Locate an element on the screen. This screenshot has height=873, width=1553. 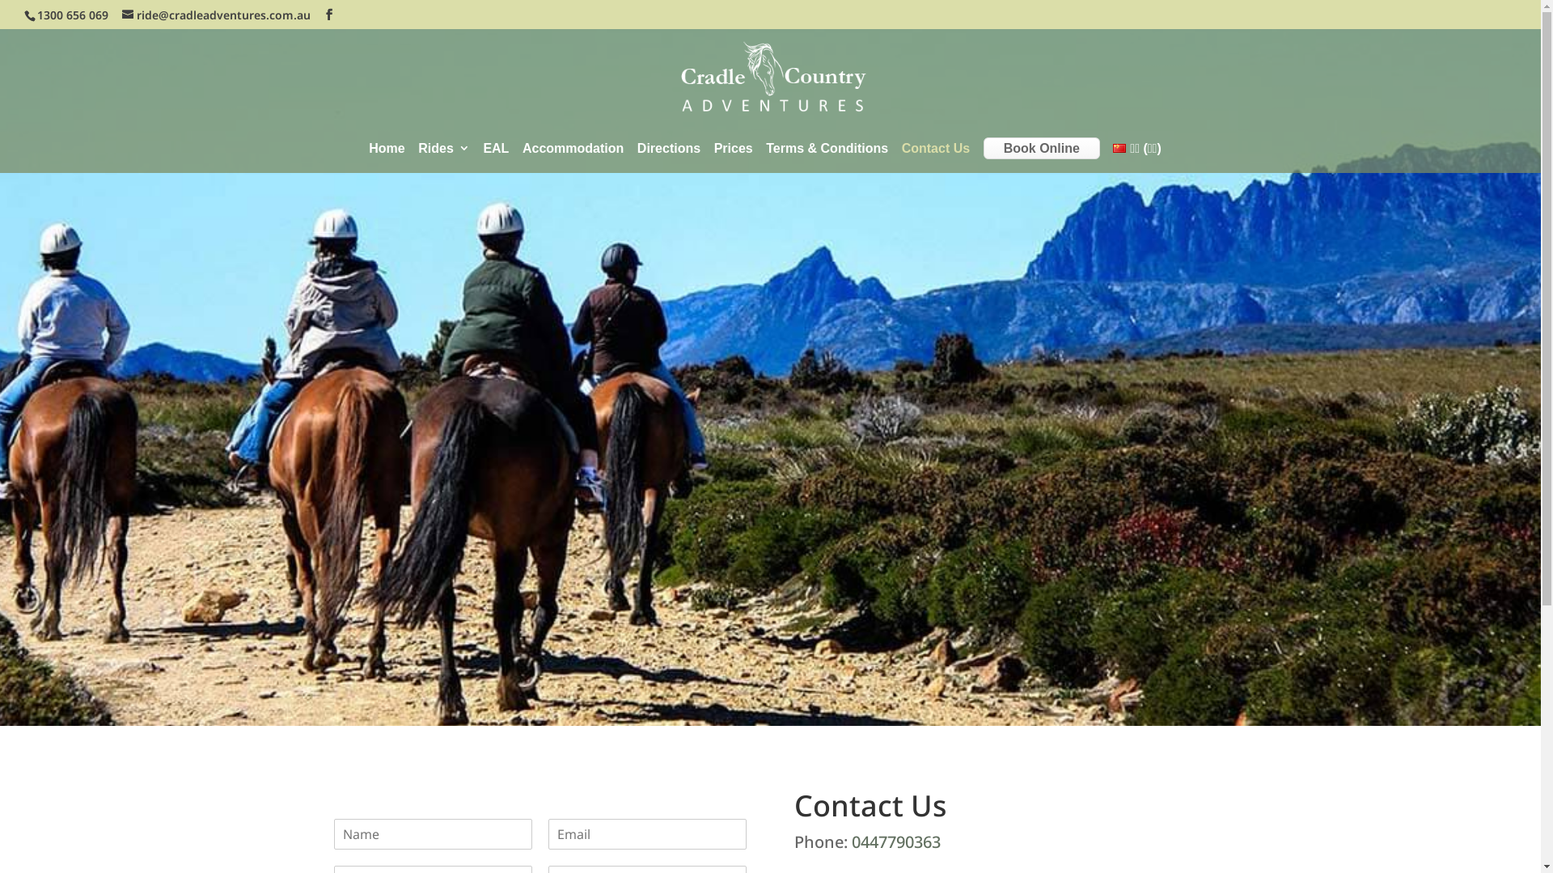
'Book Online' is located at coordinates (1041, 148).